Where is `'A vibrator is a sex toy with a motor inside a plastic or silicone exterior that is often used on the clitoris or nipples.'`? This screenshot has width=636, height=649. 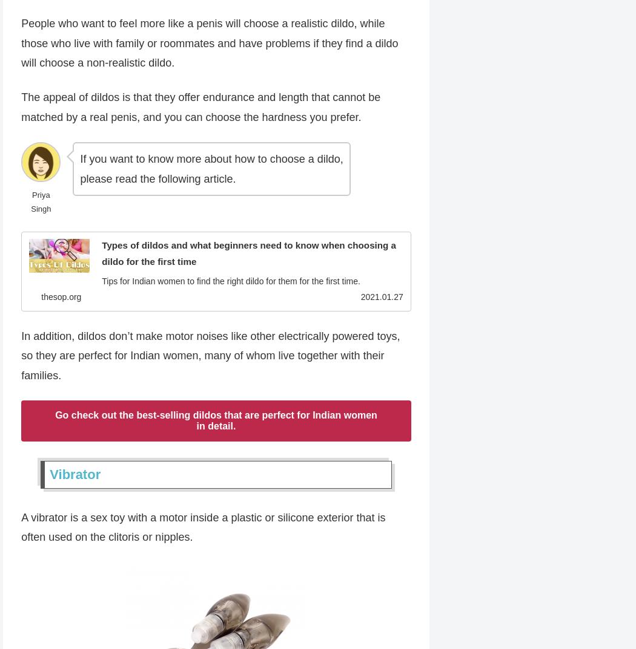 'A vibrator is a sex toy with a motor inside a plastic or silicone exterior that is often used on the clitoris or nipples.' is located at coordinates (21, 527).